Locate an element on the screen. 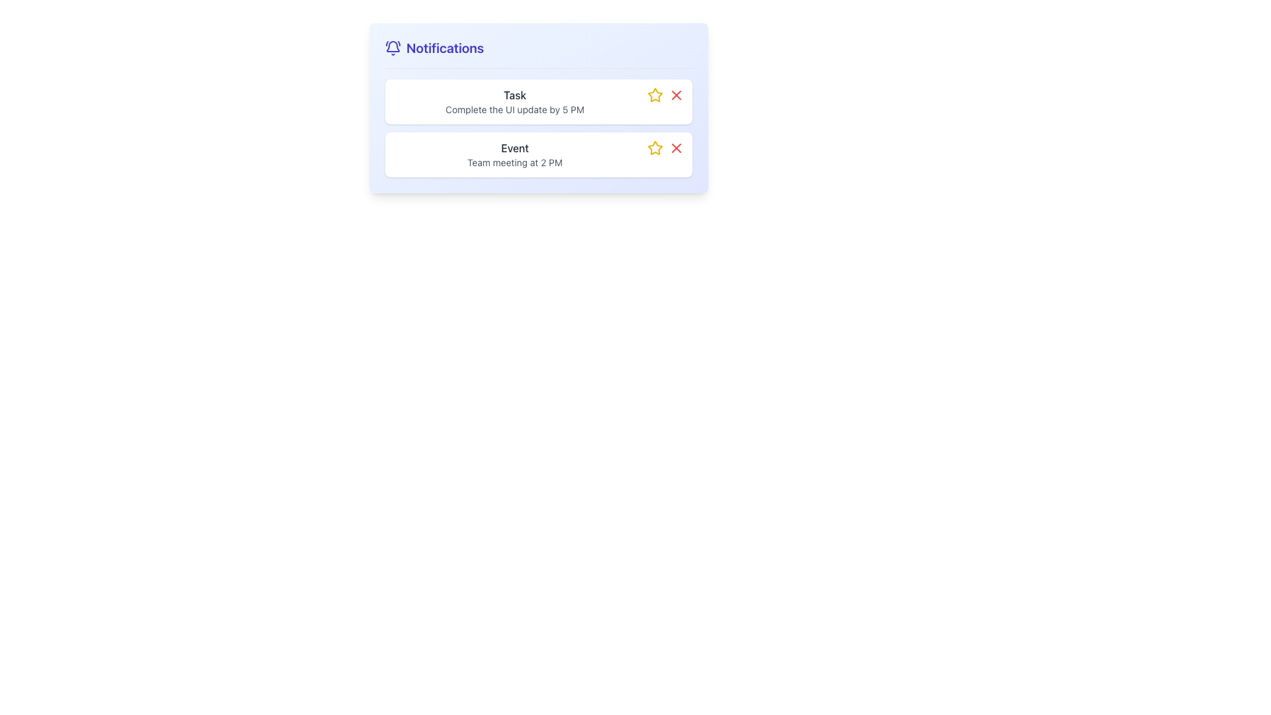 The height and width of the screenshot is (715, 1271). a task or event in the notification list located under the 'Notifications' header is located at coordinates (539, 128).